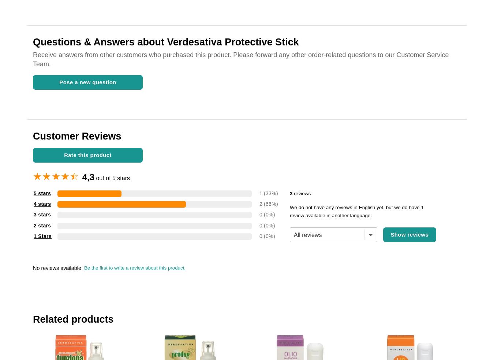 The image size is (494, 360). I want to click on '(33%)', so click(270, 193).